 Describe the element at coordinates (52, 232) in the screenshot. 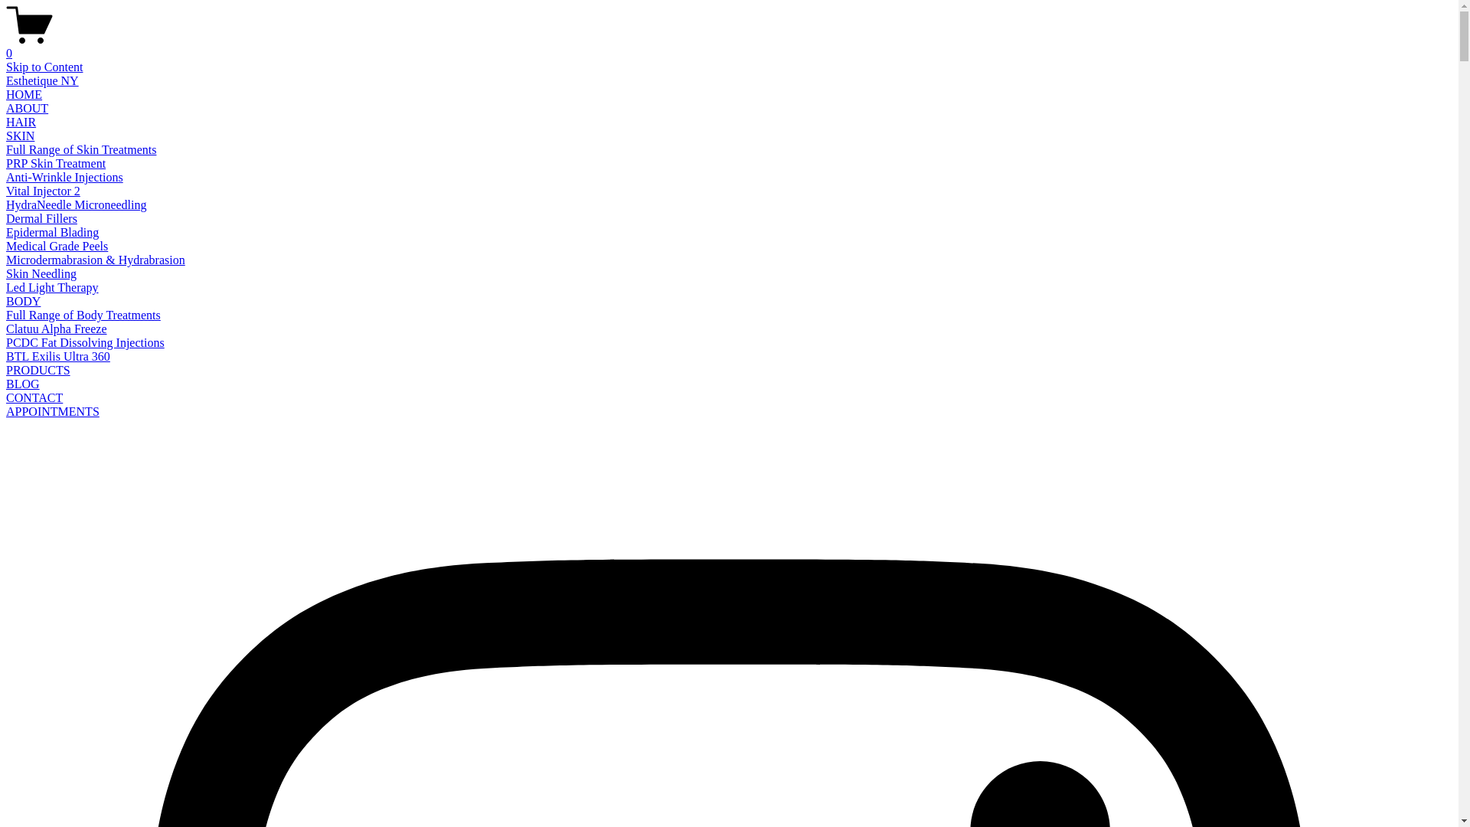

I see `'Epidermal Blading'` at that location.